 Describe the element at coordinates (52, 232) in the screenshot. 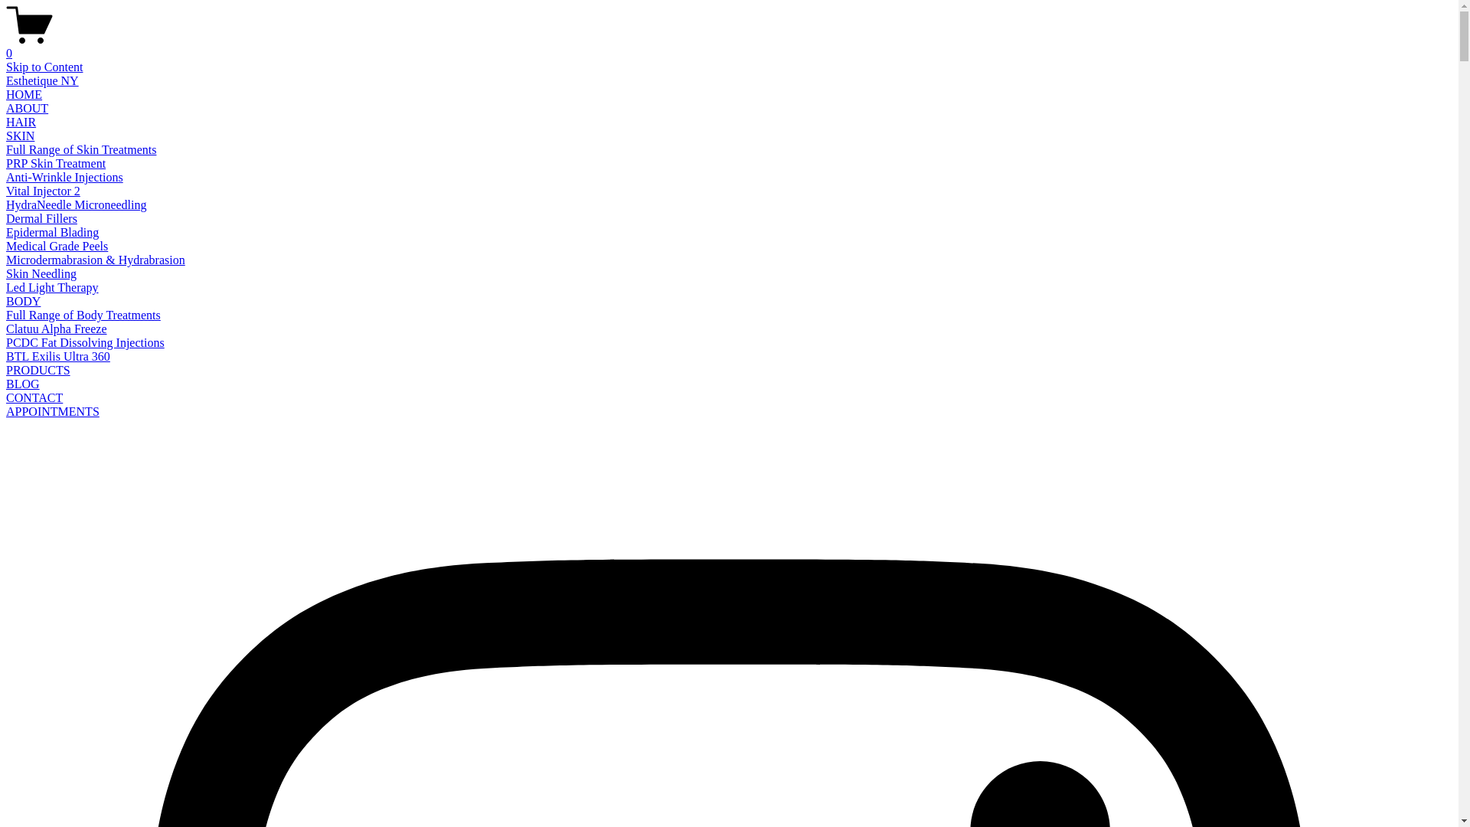

I see `'Epidermal Blading'` at that location.